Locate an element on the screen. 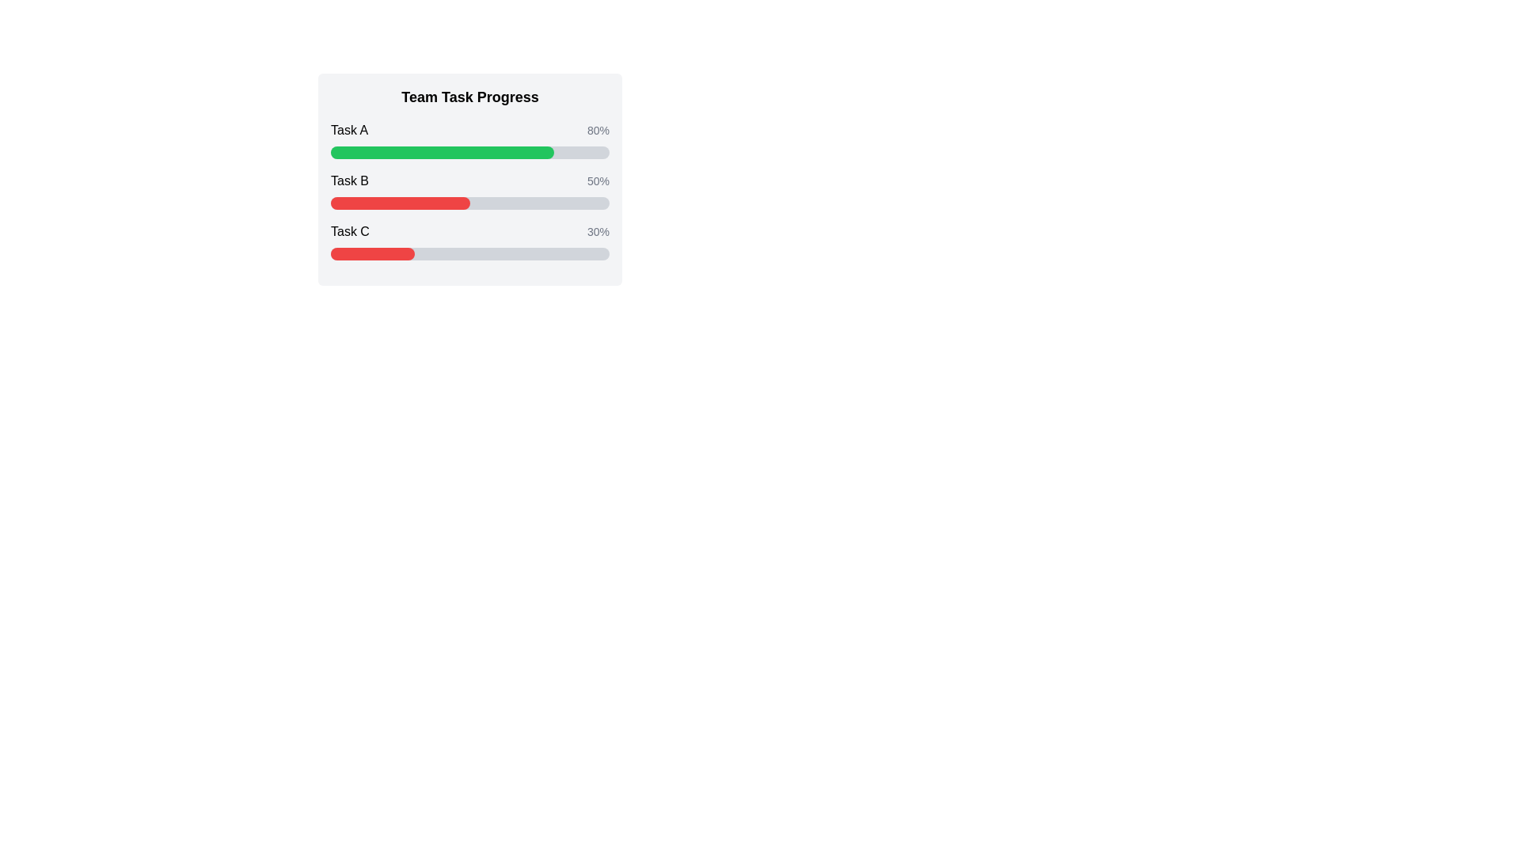 This screenshot has width=1520, height=855. the color and width of the horizontal progress bar labeled 'Task A' with an '80%' completion indicator located in the 'Team Task Progress' section is located at coordinates (469, 139).